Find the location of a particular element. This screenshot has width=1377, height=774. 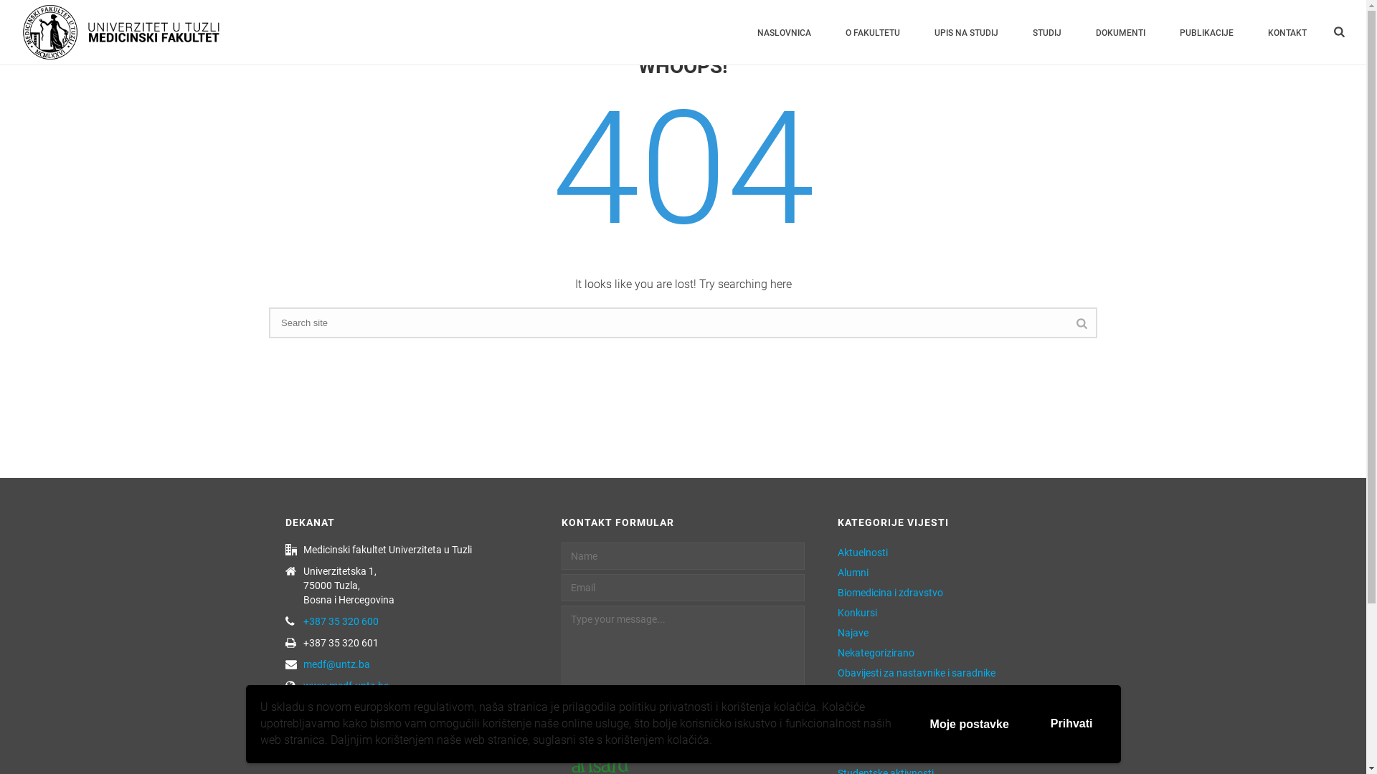

'Alumni' is located at coordinates (853, 571).